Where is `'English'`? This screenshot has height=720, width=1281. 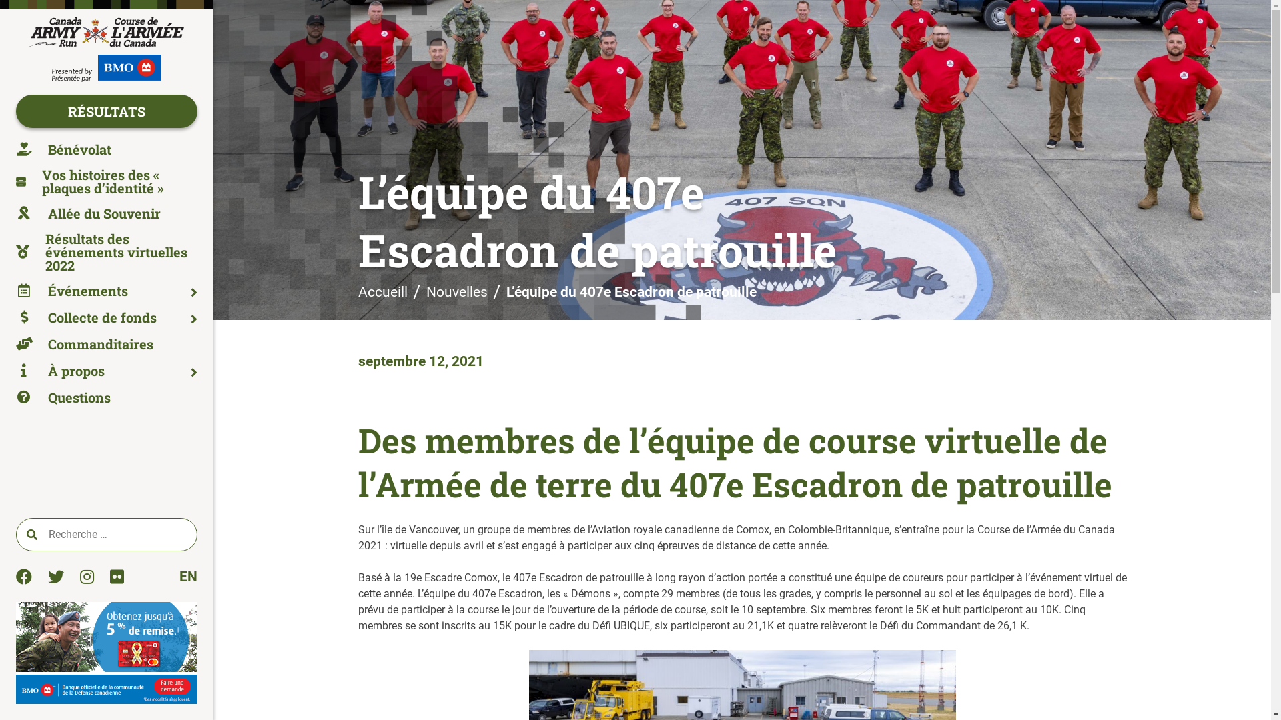
'English' is located at coordinates (178, 575).